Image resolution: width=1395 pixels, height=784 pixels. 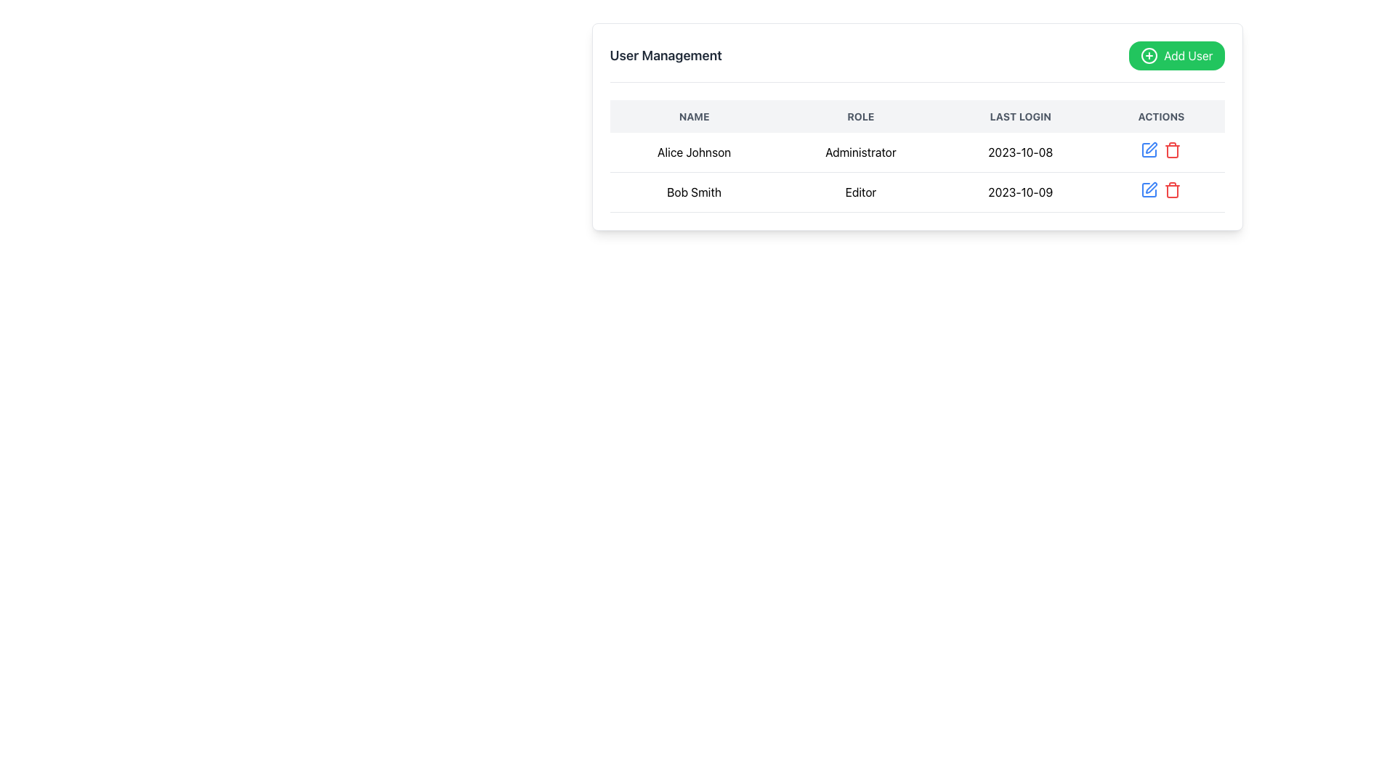 What do you see at coordinates (916, 171) in the screenshot?
I see `the first table row displaying 'Alice Johnson', 'Administrator', and '2023-10-08'` at bounding box center [916, 171].